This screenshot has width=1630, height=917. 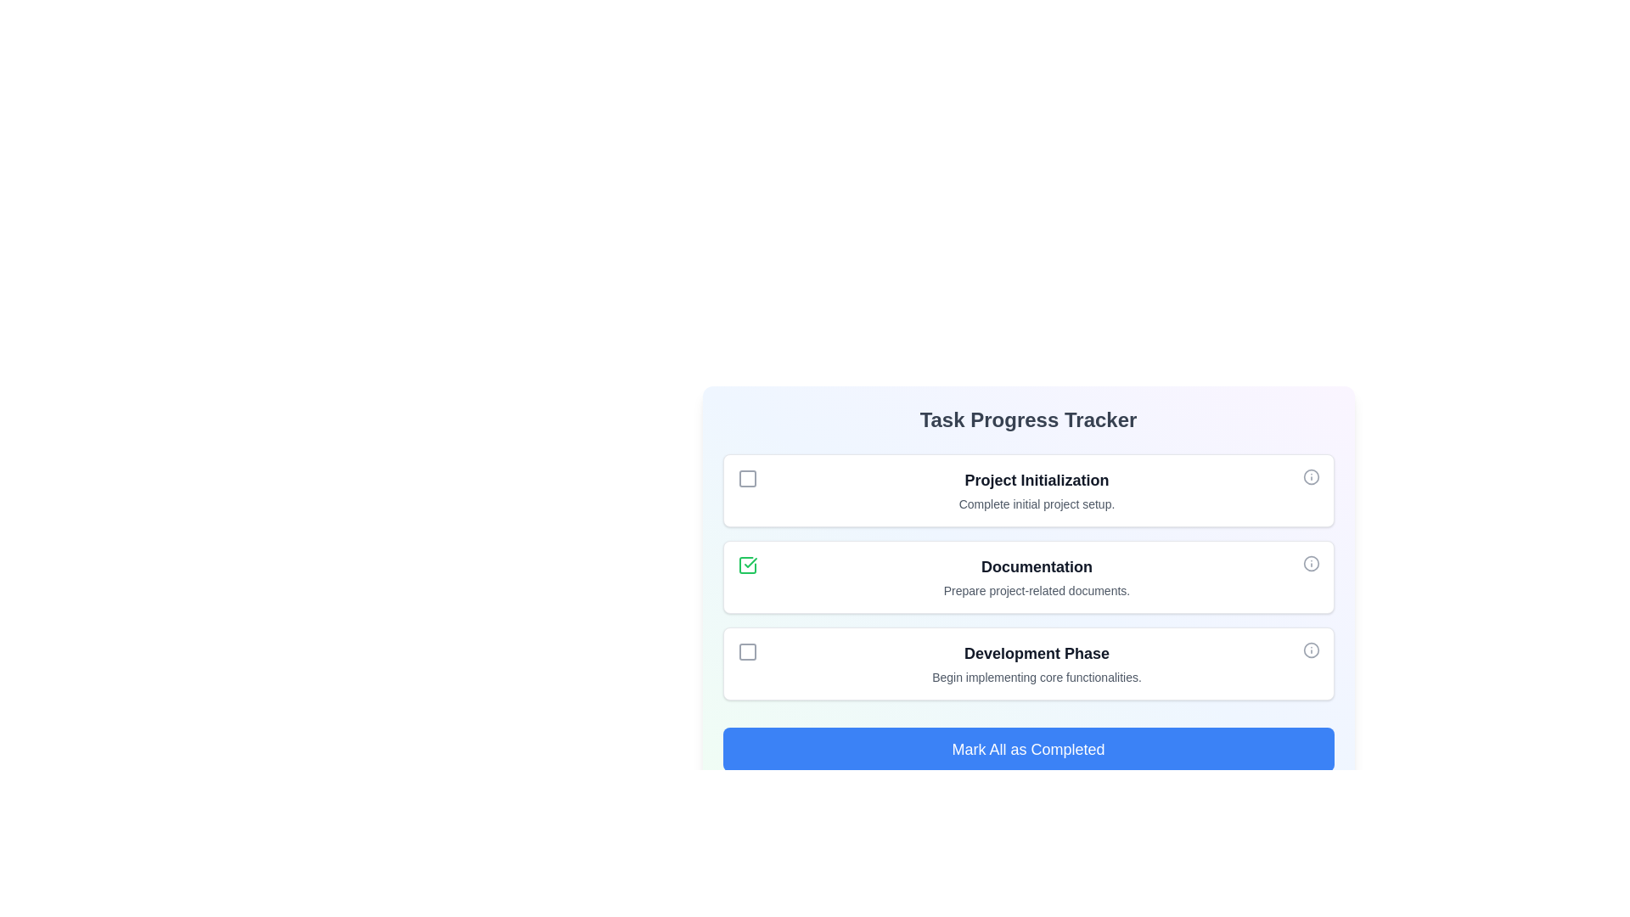 I want to click on the Text Label displaying 'Task Progress Tracker', which is styled in bold font and centered alignment at the top of the 'Task Progress Tracker' area, so click(x=1027, y=419).